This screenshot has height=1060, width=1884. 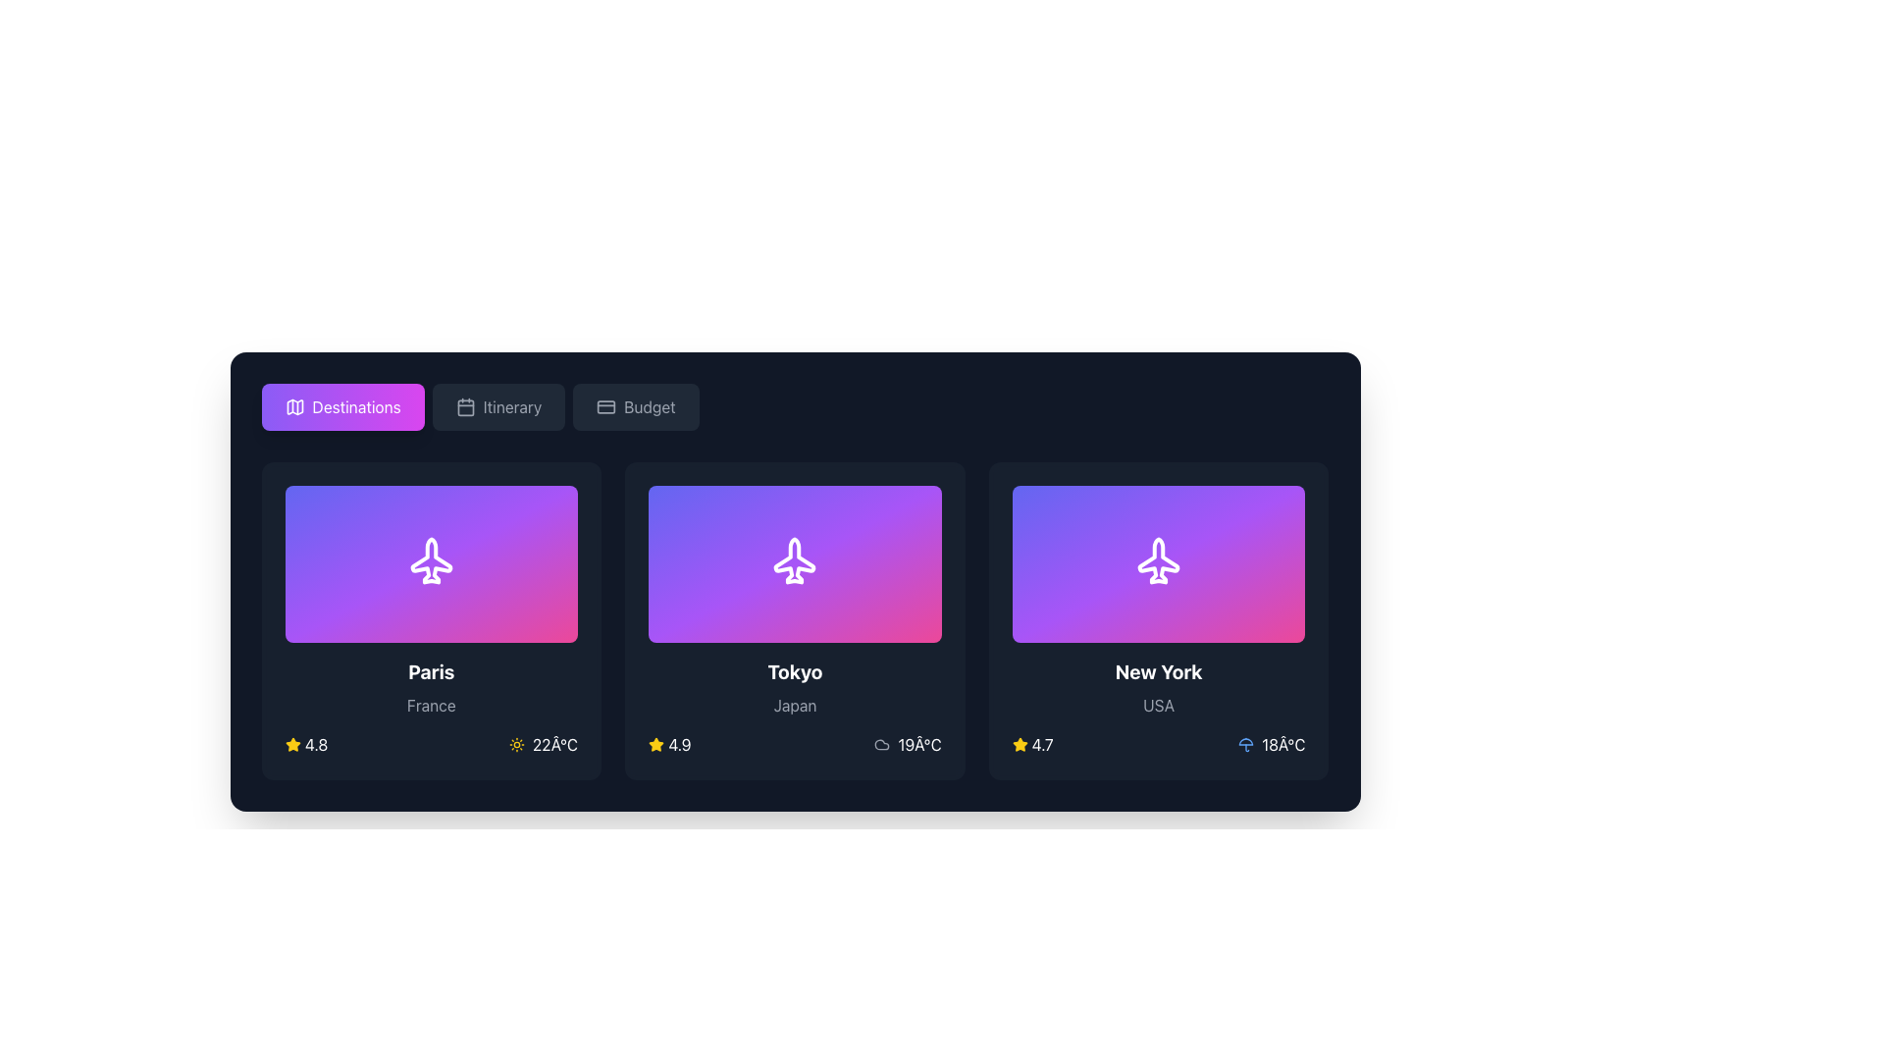 I want to click on the stylized cloud icon located at the bottom-right of the 'Tokyo' weather card, so click(x=881, y=745).